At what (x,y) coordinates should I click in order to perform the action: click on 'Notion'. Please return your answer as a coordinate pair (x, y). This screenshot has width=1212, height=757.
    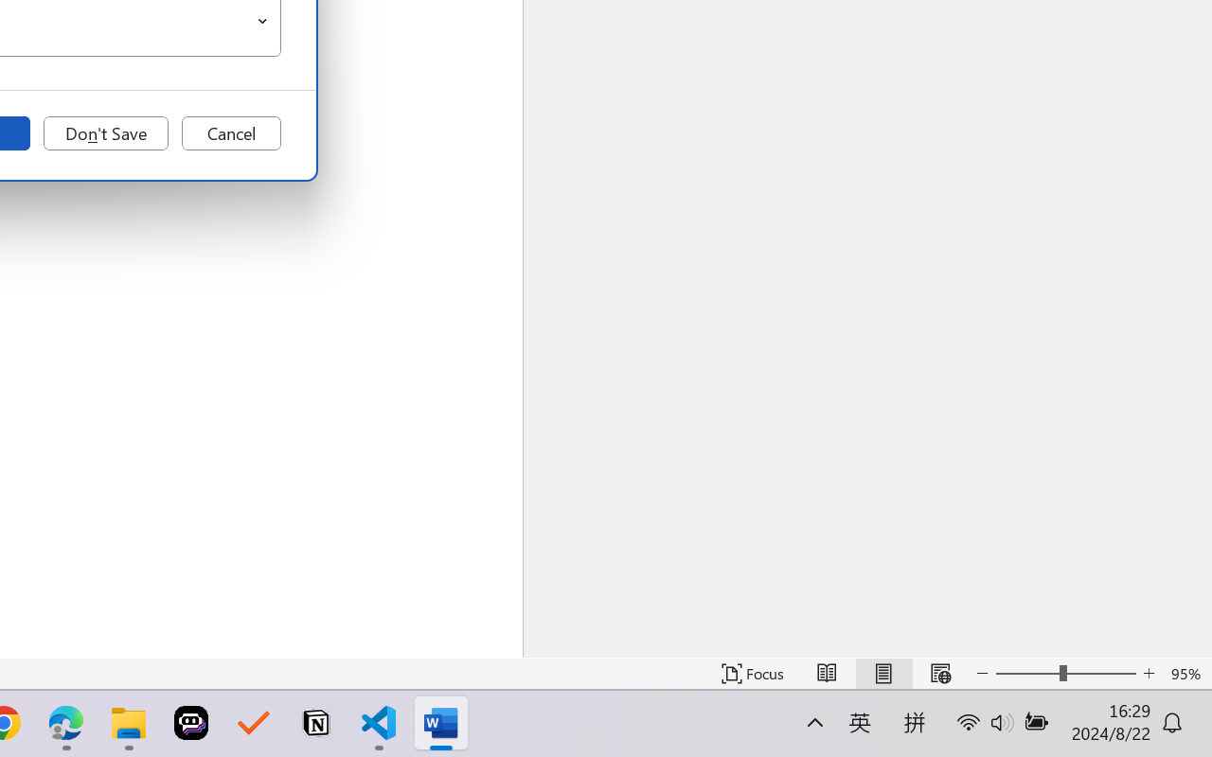
    Looking at the image, I should click on (316, 723).